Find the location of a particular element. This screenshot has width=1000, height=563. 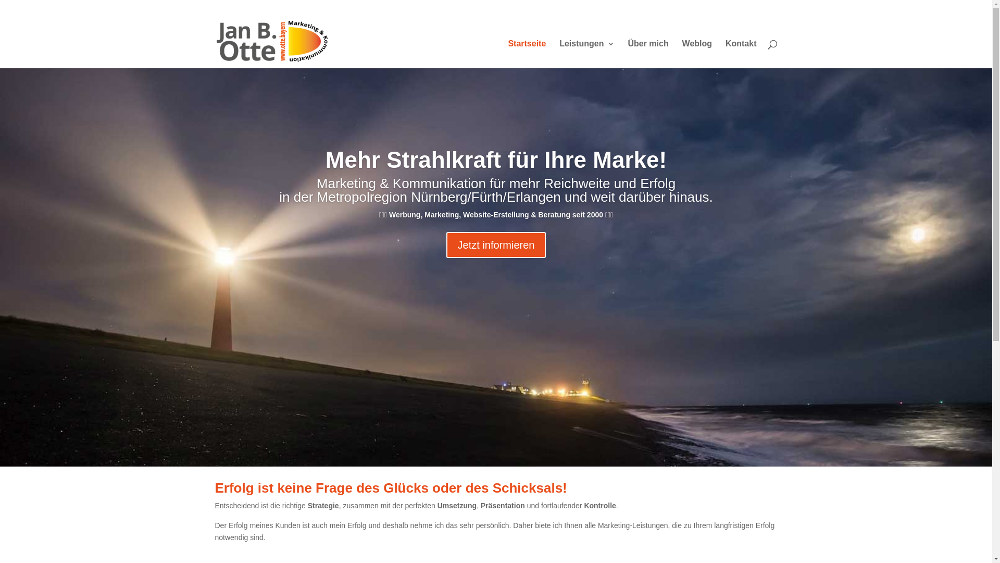

'Startseite' is located at coordinates (527, 54).